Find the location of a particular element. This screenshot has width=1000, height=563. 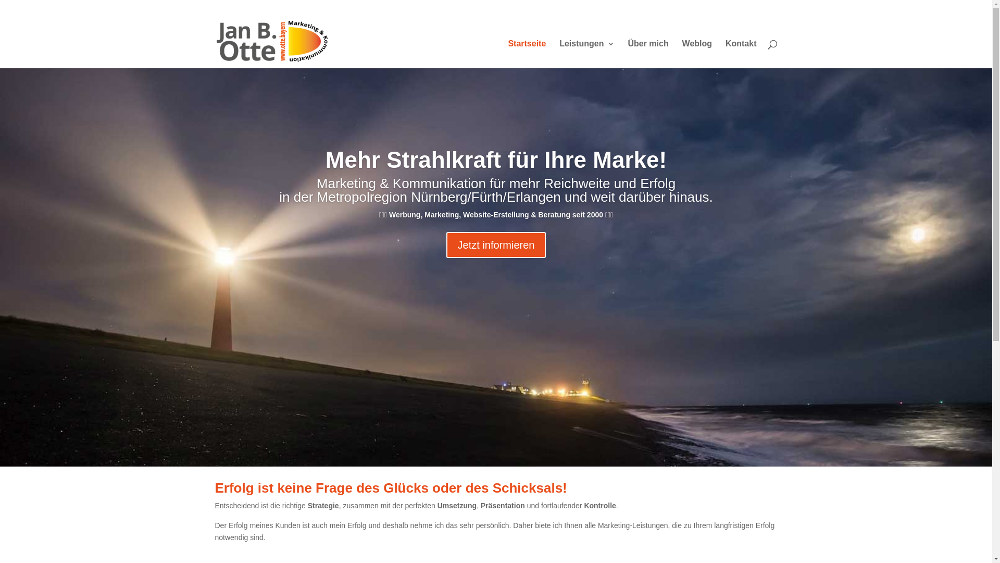

'Startseite' is located at coordinates (527, 54).